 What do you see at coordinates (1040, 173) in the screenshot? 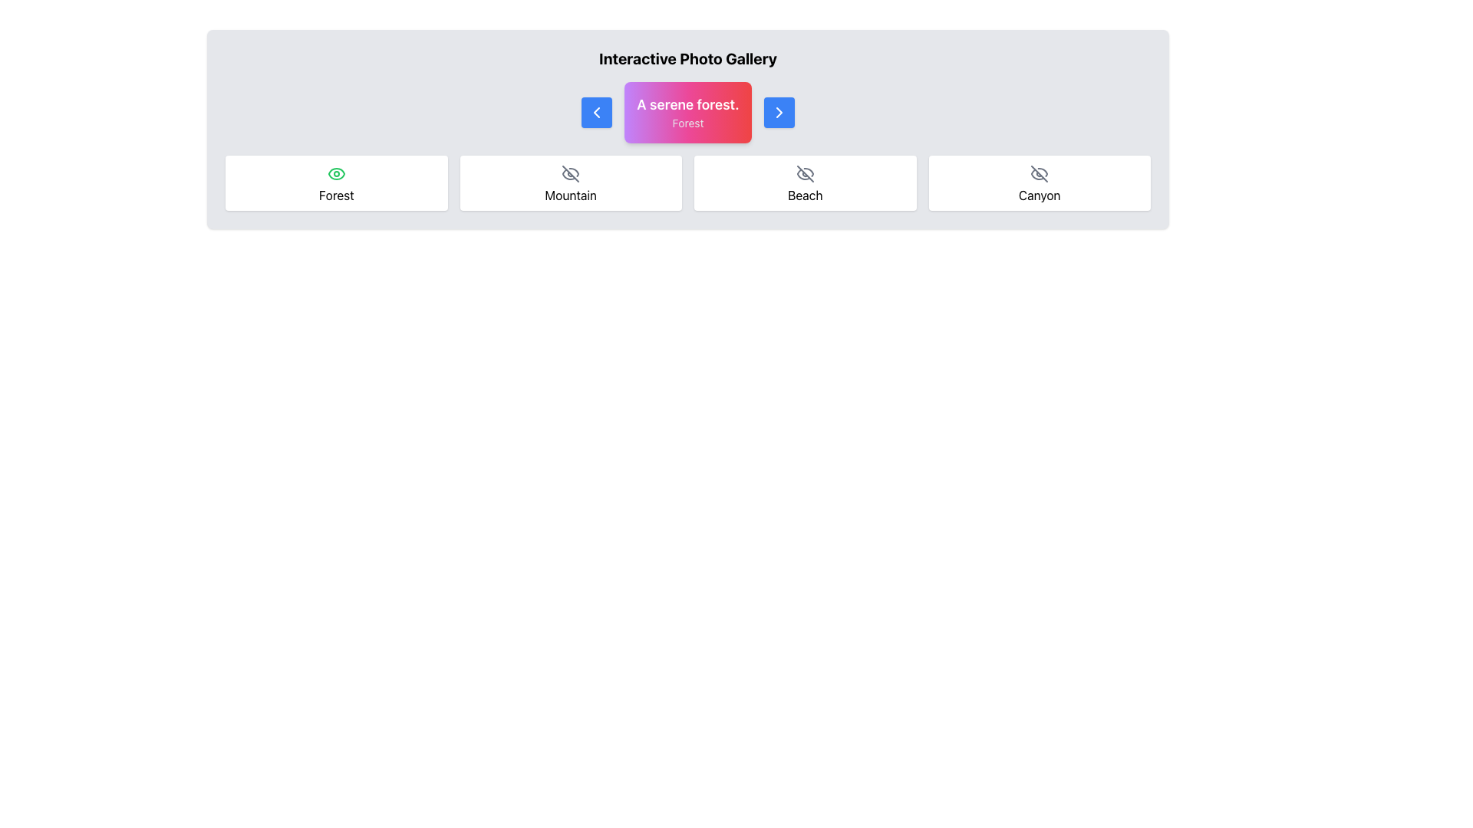
I see `the visibility toggle icon located within the 'Canyon' button to trigger the tooltip` at bounding box center [1040, 173].